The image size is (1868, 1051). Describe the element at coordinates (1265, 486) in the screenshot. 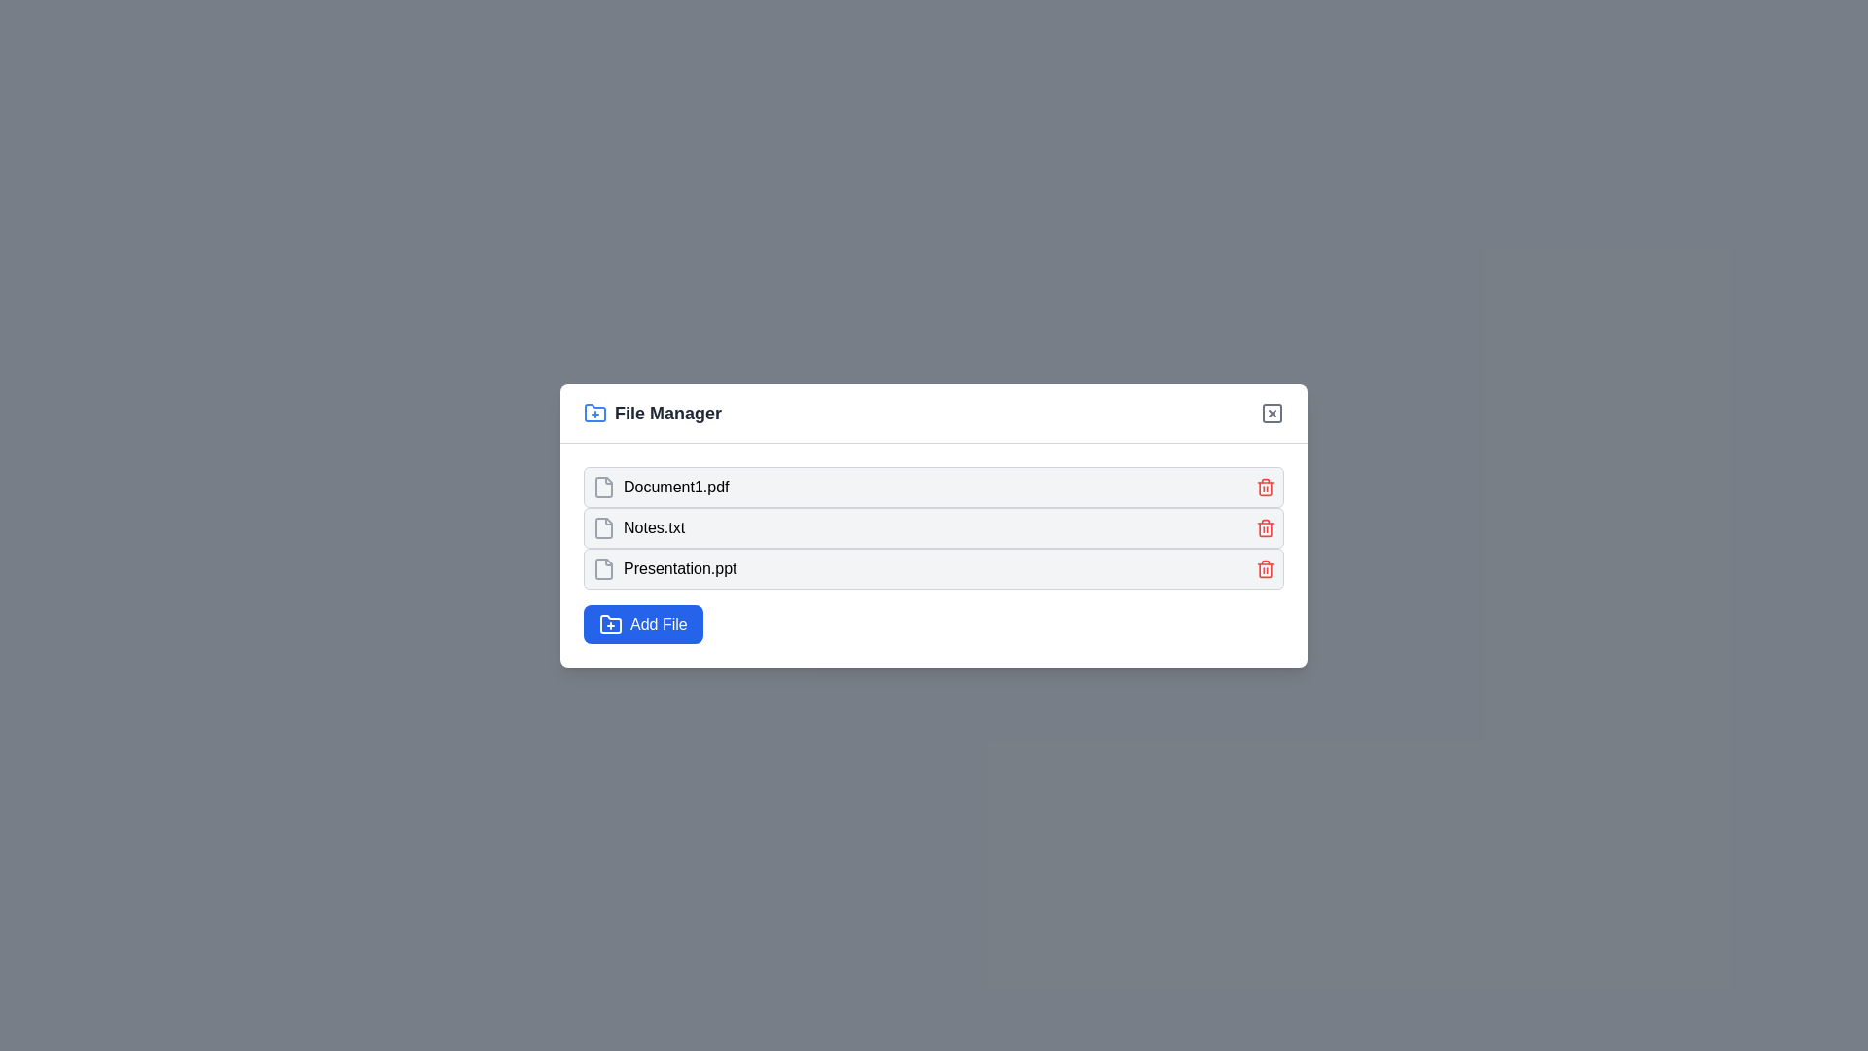

I see `the red trash bin icon button located at the far right of the row displaying 'Document1.pdf'` at that location.